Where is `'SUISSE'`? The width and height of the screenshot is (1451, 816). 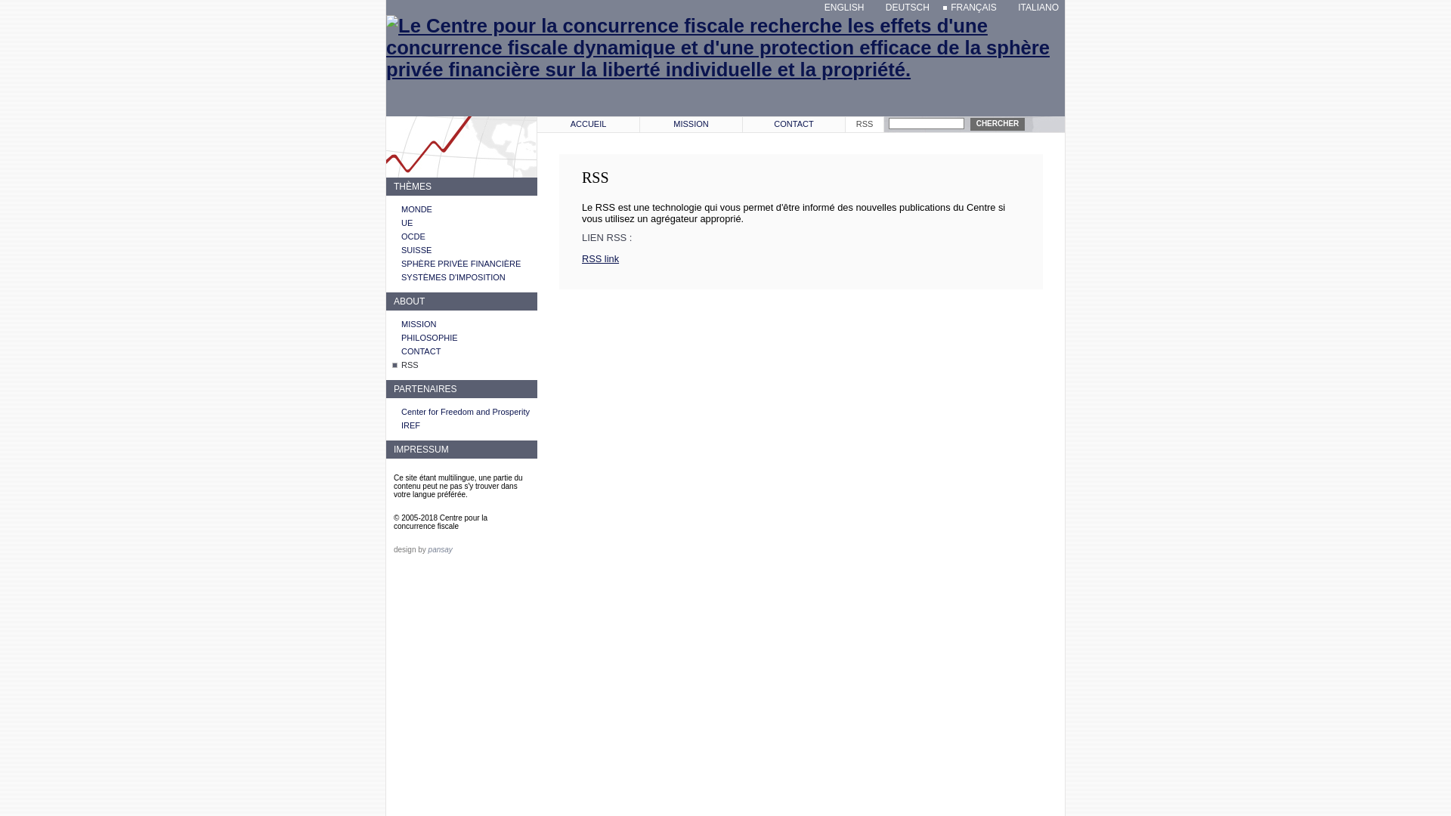 'SUISSE' is located at coordinates (416, 249).